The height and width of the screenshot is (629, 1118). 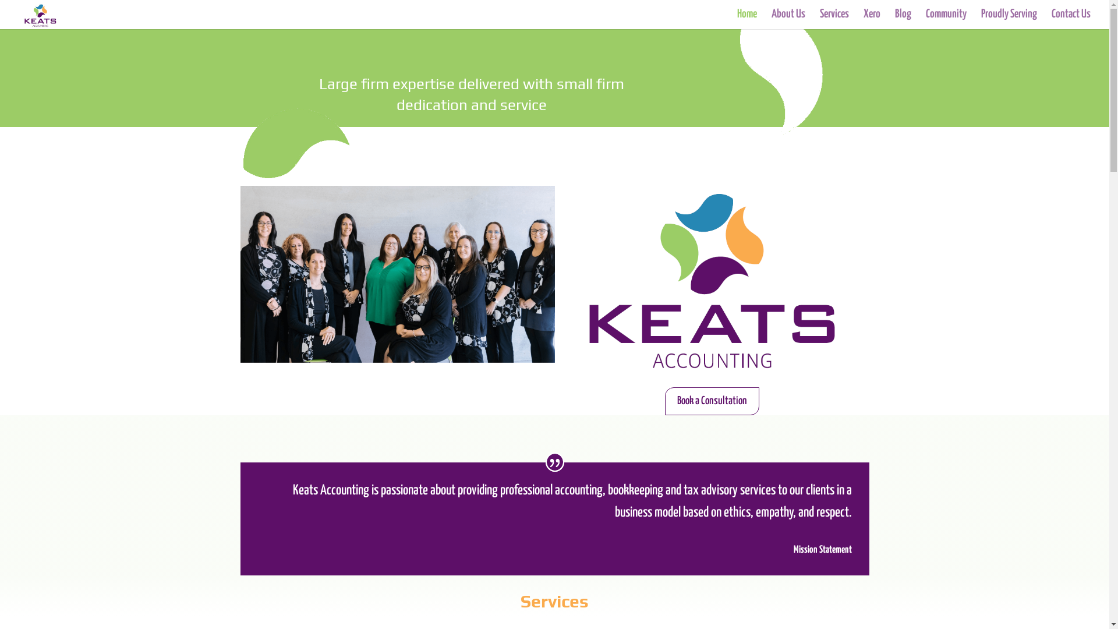 I want to click on 'Contact Us', so click(x=1071, y=20).